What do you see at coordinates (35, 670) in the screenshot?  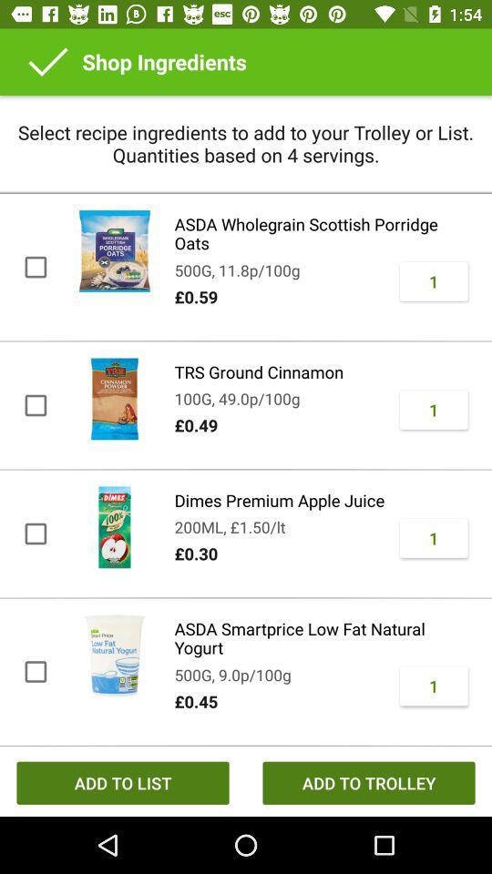 I see `the fourth check box` at bounding box center [35, 670].